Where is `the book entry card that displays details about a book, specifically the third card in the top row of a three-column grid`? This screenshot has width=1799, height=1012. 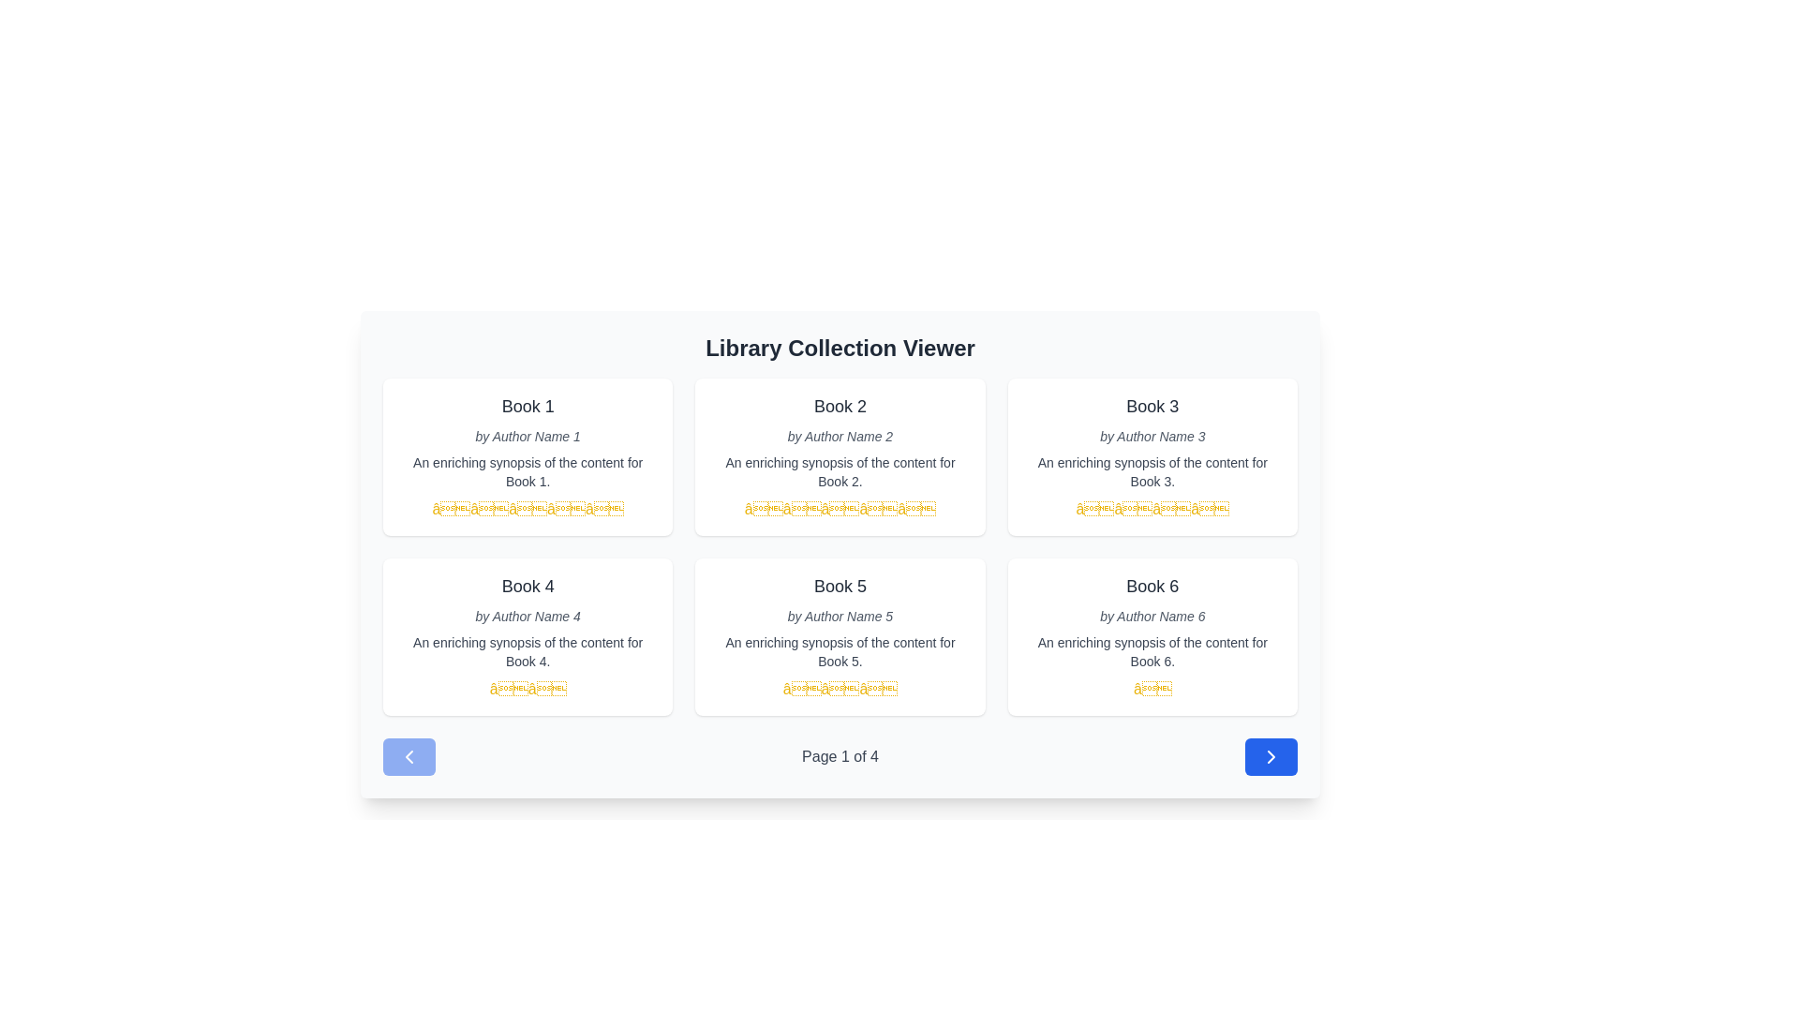
the book entry card that displays details about a book, specifically the third card in the top row of a three-column grid is located at coordinates (1152, 457).